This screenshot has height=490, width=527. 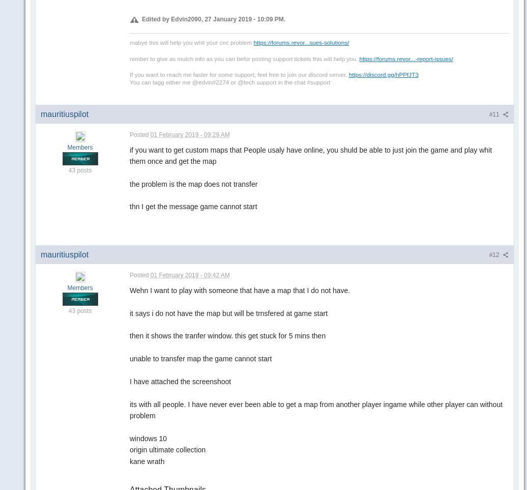 What do you see at coordinates (189, 275) in the screenshot?
I see `'01 February 2019 - 09:42 AM'` at bounding box center [189, 275].